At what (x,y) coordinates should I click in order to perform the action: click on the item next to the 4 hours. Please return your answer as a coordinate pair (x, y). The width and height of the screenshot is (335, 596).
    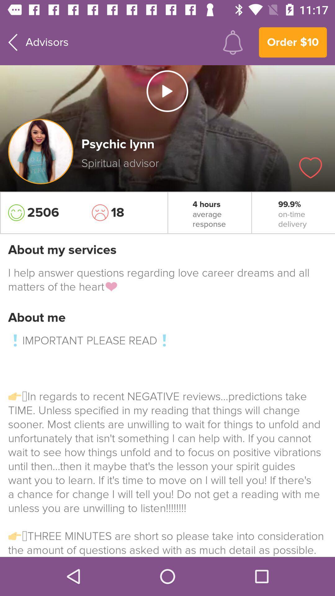
    Looking at the image, I should click on (126, 213).